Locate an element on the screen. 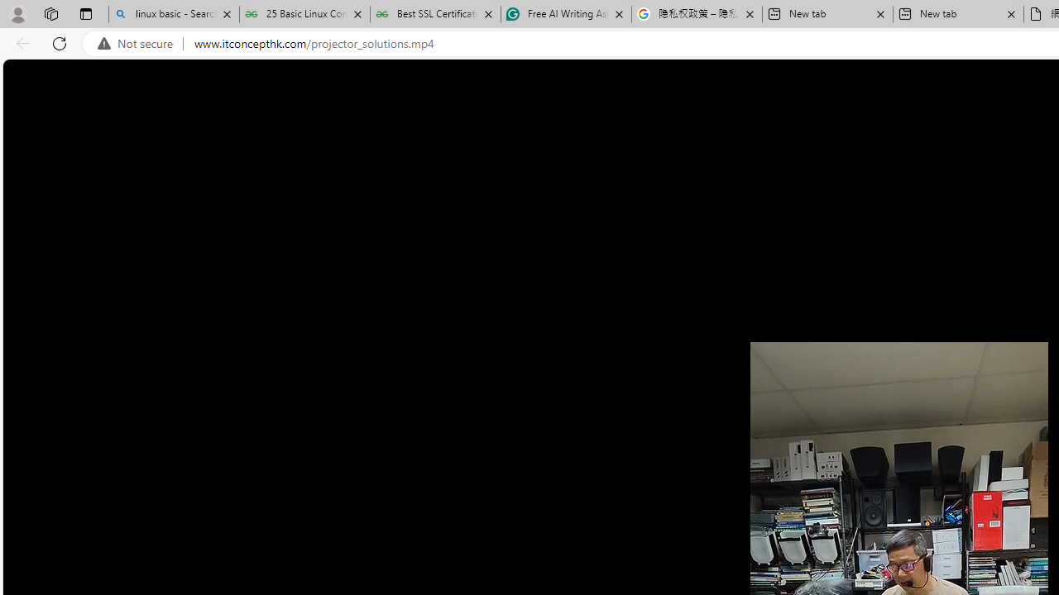 This screenshot has height=595, width=1059. '25 Basic Linux Commands For Beginners - GeeksforGeeks' is located at coordinates (304, 14).